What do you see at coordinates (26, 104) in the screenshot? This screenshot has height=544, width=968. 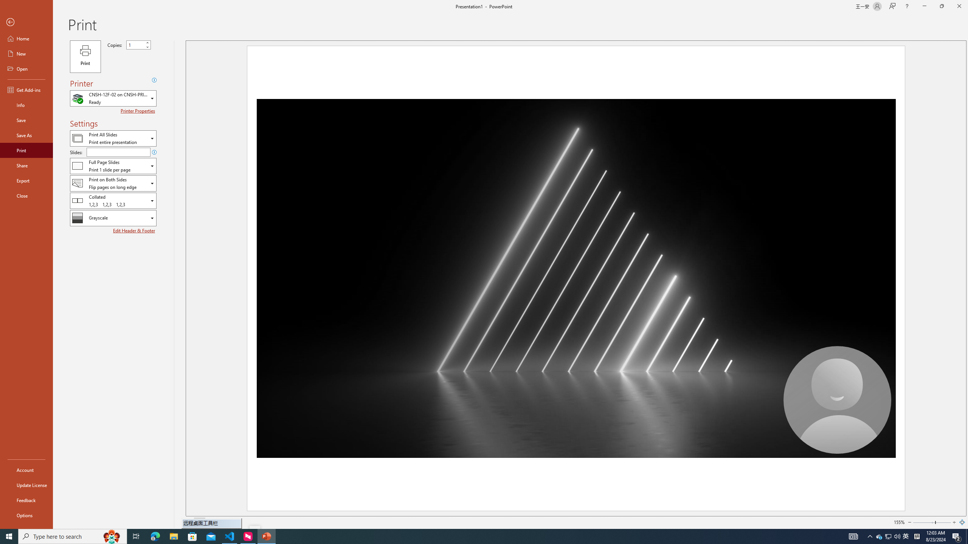 I see `'Info'` at bounding box center [26, 104].